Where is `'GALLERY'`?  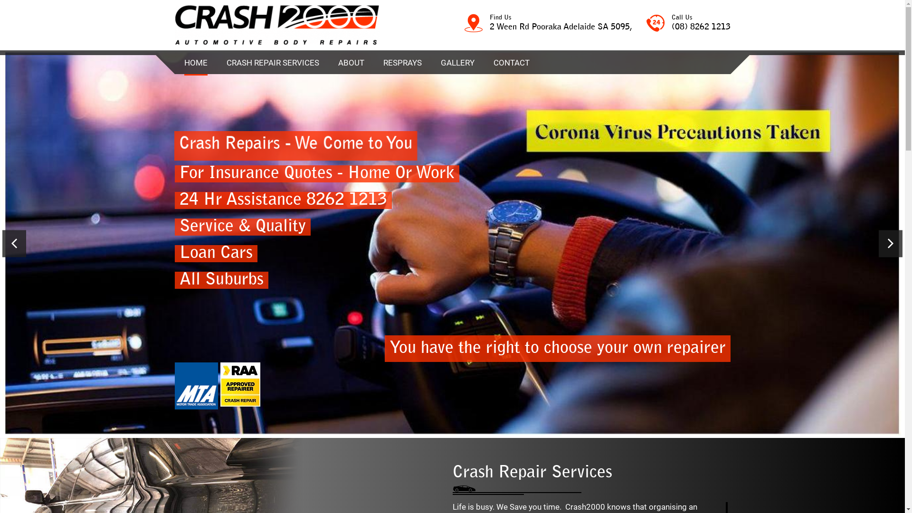 'GALLERY' is located at coordinates (457, 62).